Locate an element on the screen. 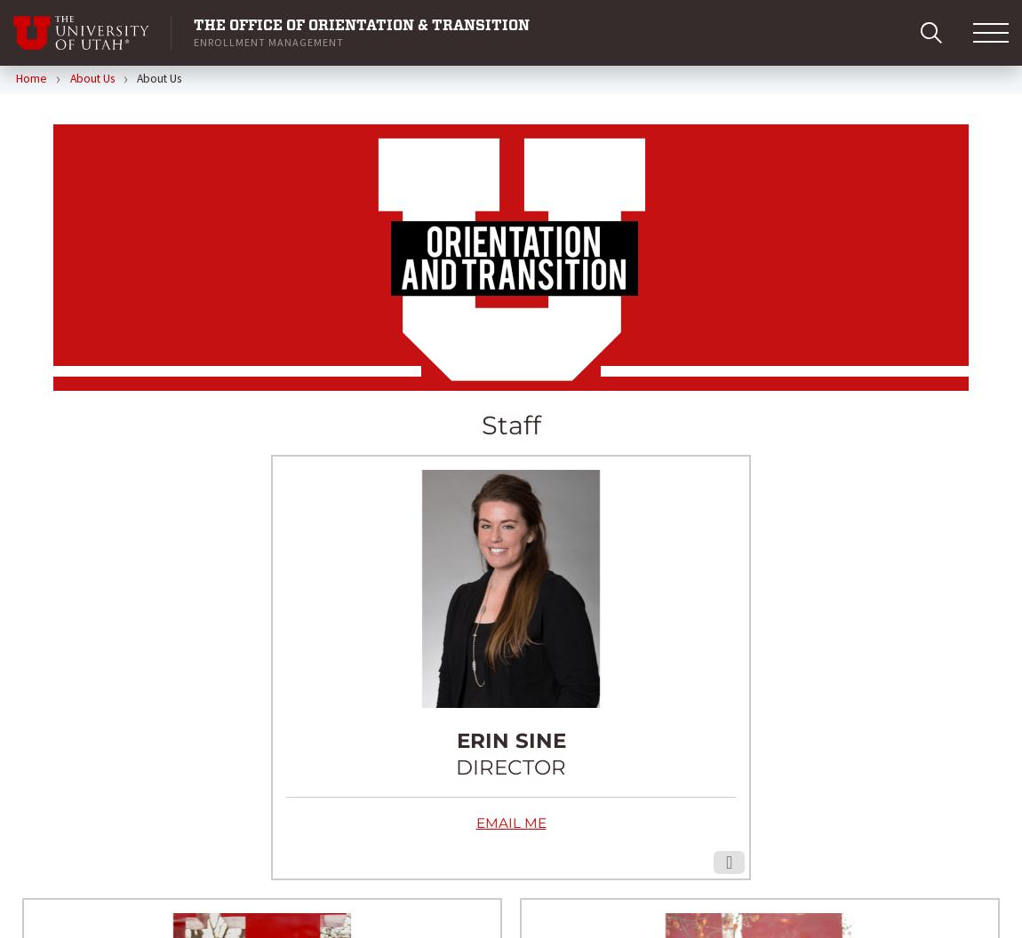 The width and height of the screenshot is (1022, 938). 'The Office of Orientation & Transition' is located at coordinates (361, 24).